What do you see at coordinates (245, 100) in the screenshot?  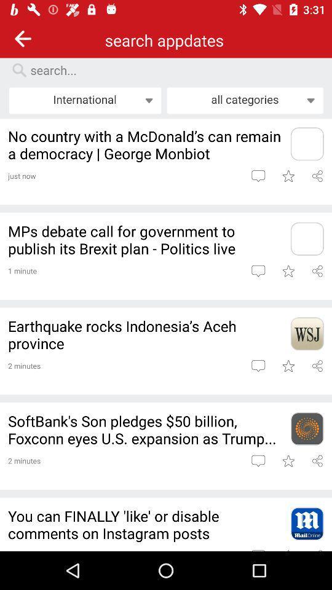 I see `all categories icon` at bounding box center [245, 100].